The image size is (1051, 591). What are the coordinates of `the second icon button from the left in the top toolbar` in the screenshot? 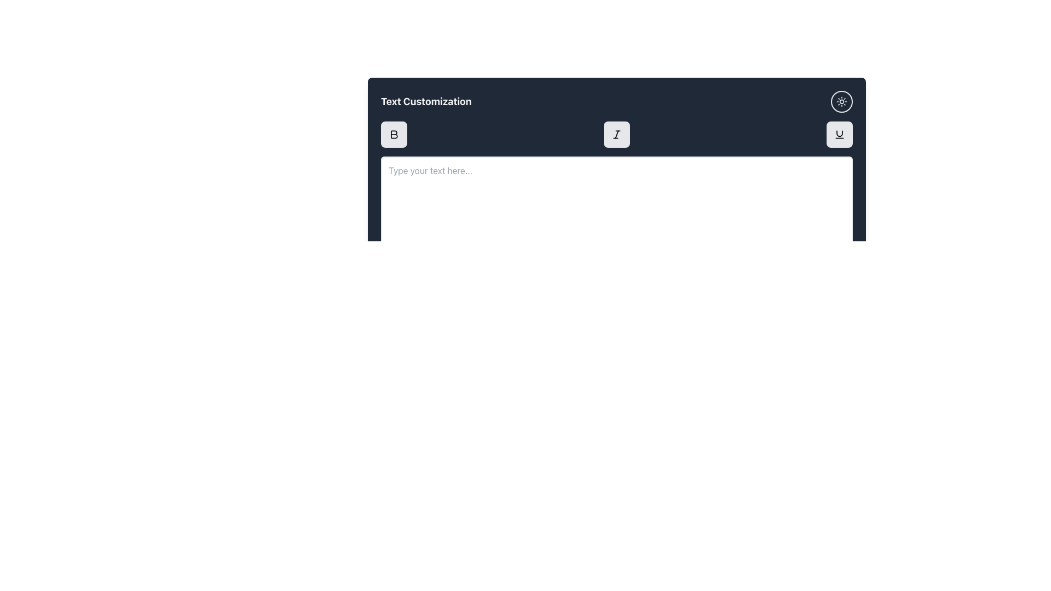 It's located at (617, 134).